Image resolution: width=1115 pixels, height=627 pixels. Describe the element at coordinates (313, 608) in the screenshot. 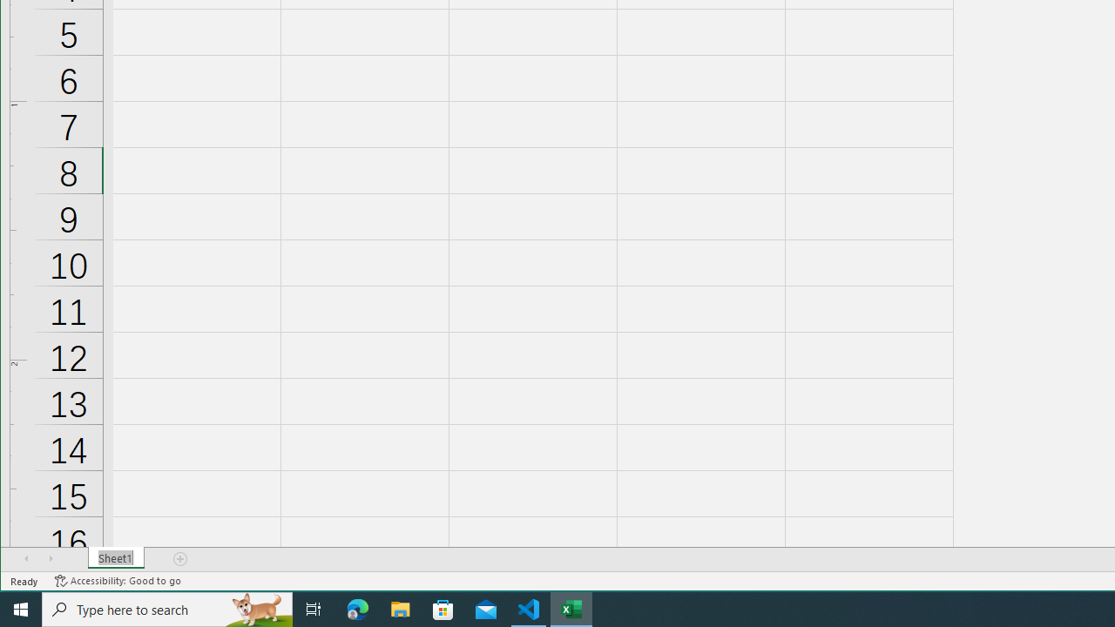

I see `'Task View'` at that location.